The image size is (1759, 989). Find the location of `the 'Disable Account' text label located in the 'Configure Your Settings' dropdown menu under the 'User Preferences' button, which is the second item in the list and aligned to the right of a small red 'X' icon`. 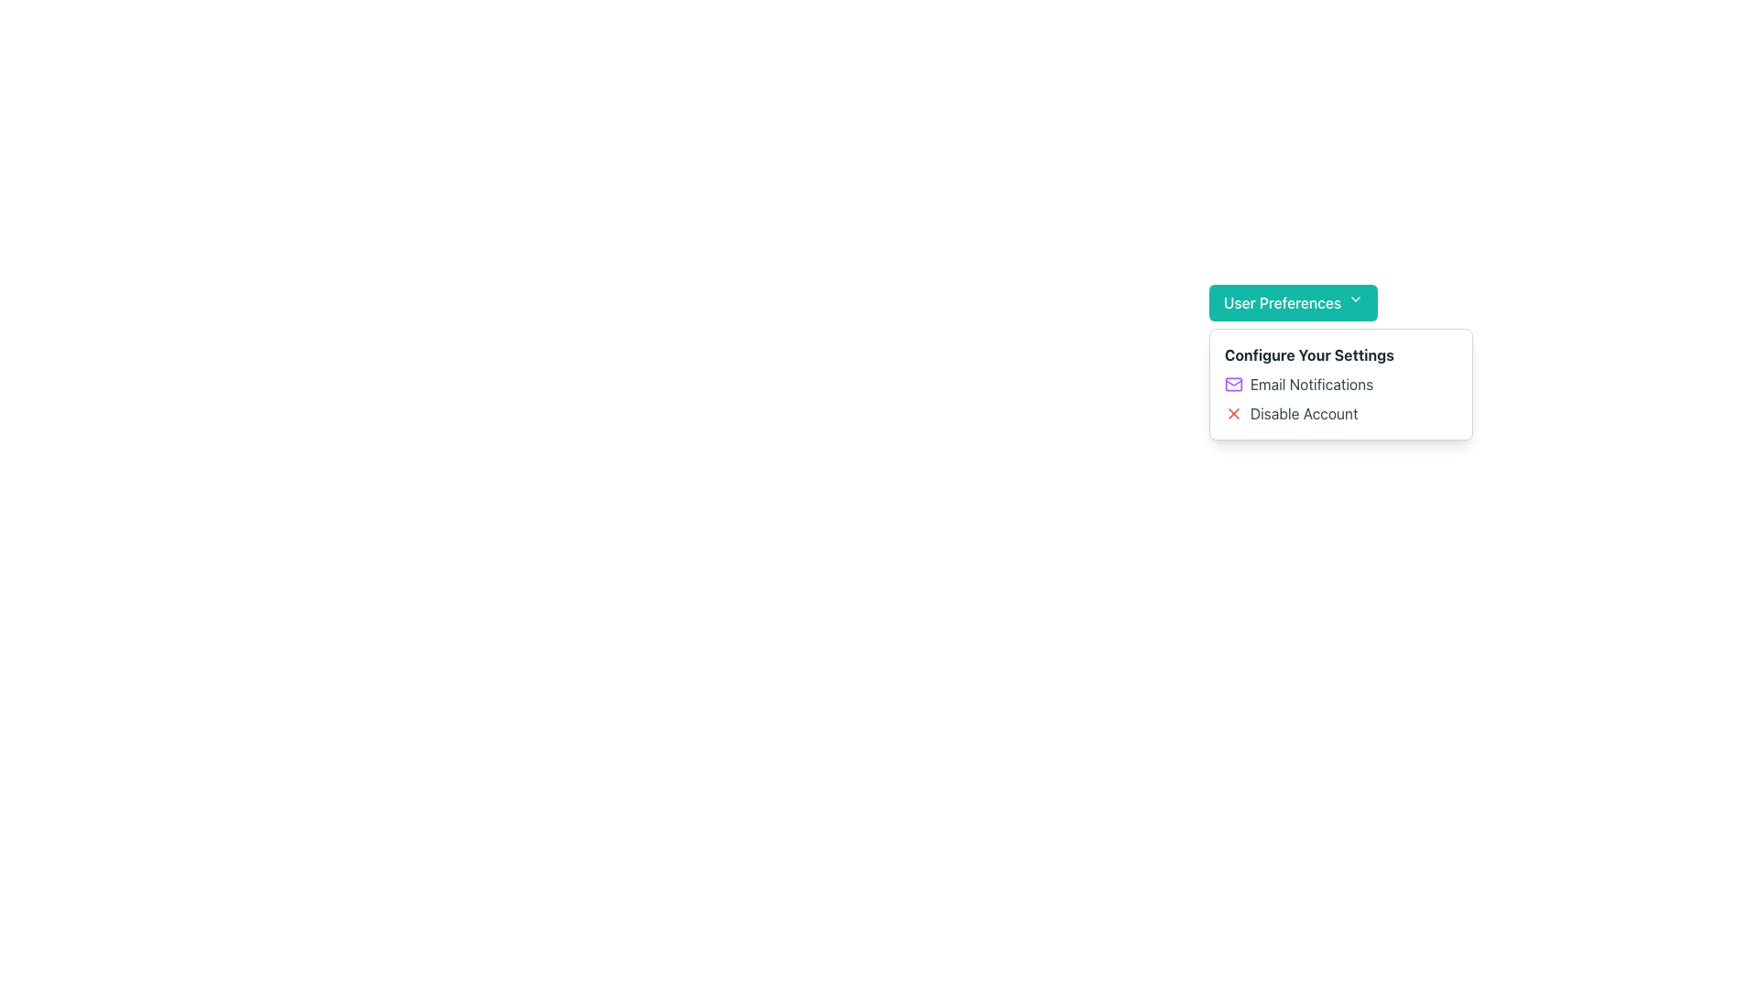

the 'Disable Account' text label located in the 'Configure Your Settings' dropdown menu under the 'User Preferences' button, which is the second item in the list and aligned to the right of a small red 'X' icon is located at coordinates (1303, 413).